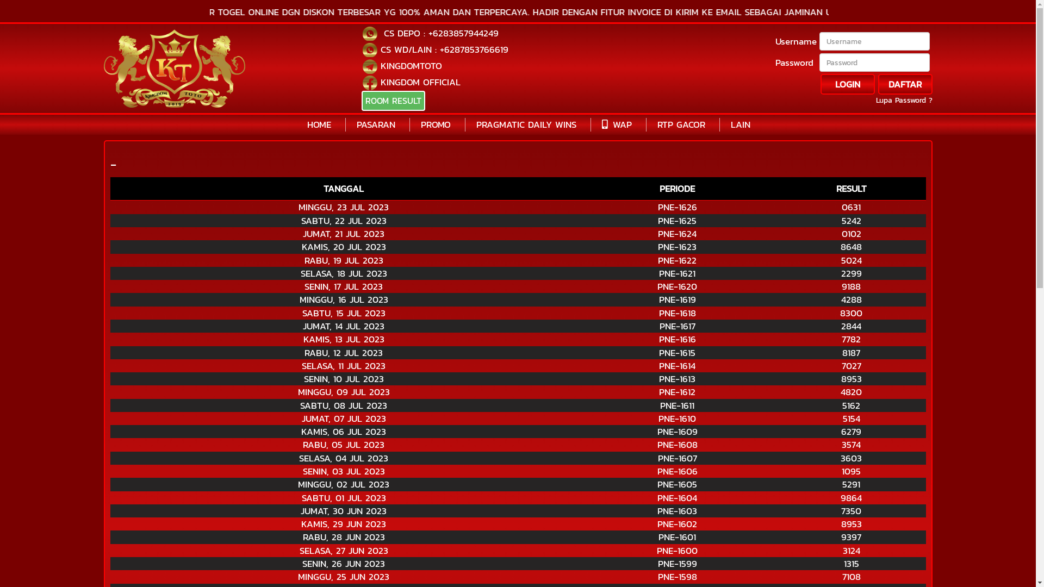 This screenshot has height=587, width=1044. Describe the element at coordinates (376, 123) in the screenshot. I see `'PASARAN'` at that location.